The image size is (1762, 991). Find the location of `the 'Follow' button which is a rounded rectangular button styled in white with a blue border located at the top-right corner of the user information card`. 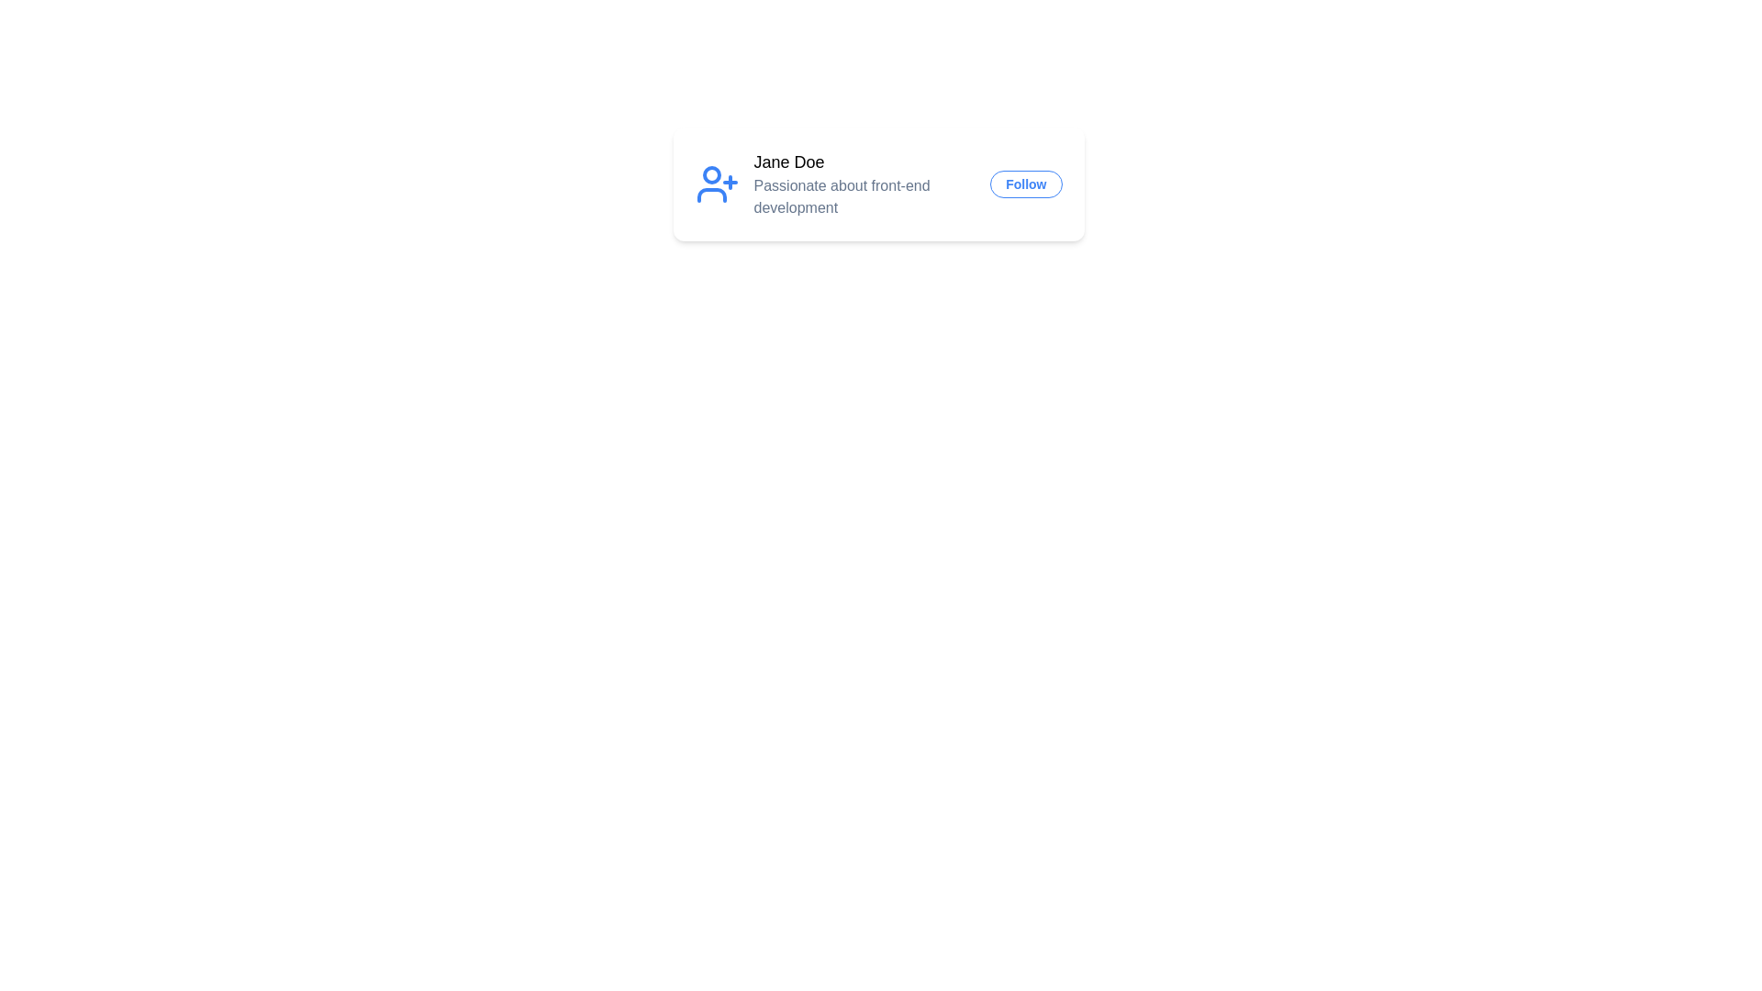

the 'Follow' button which is a rounded rectangular button styled in white with a blue border located at the top-right corner of the user information card is located at coordinates (1025, 184).